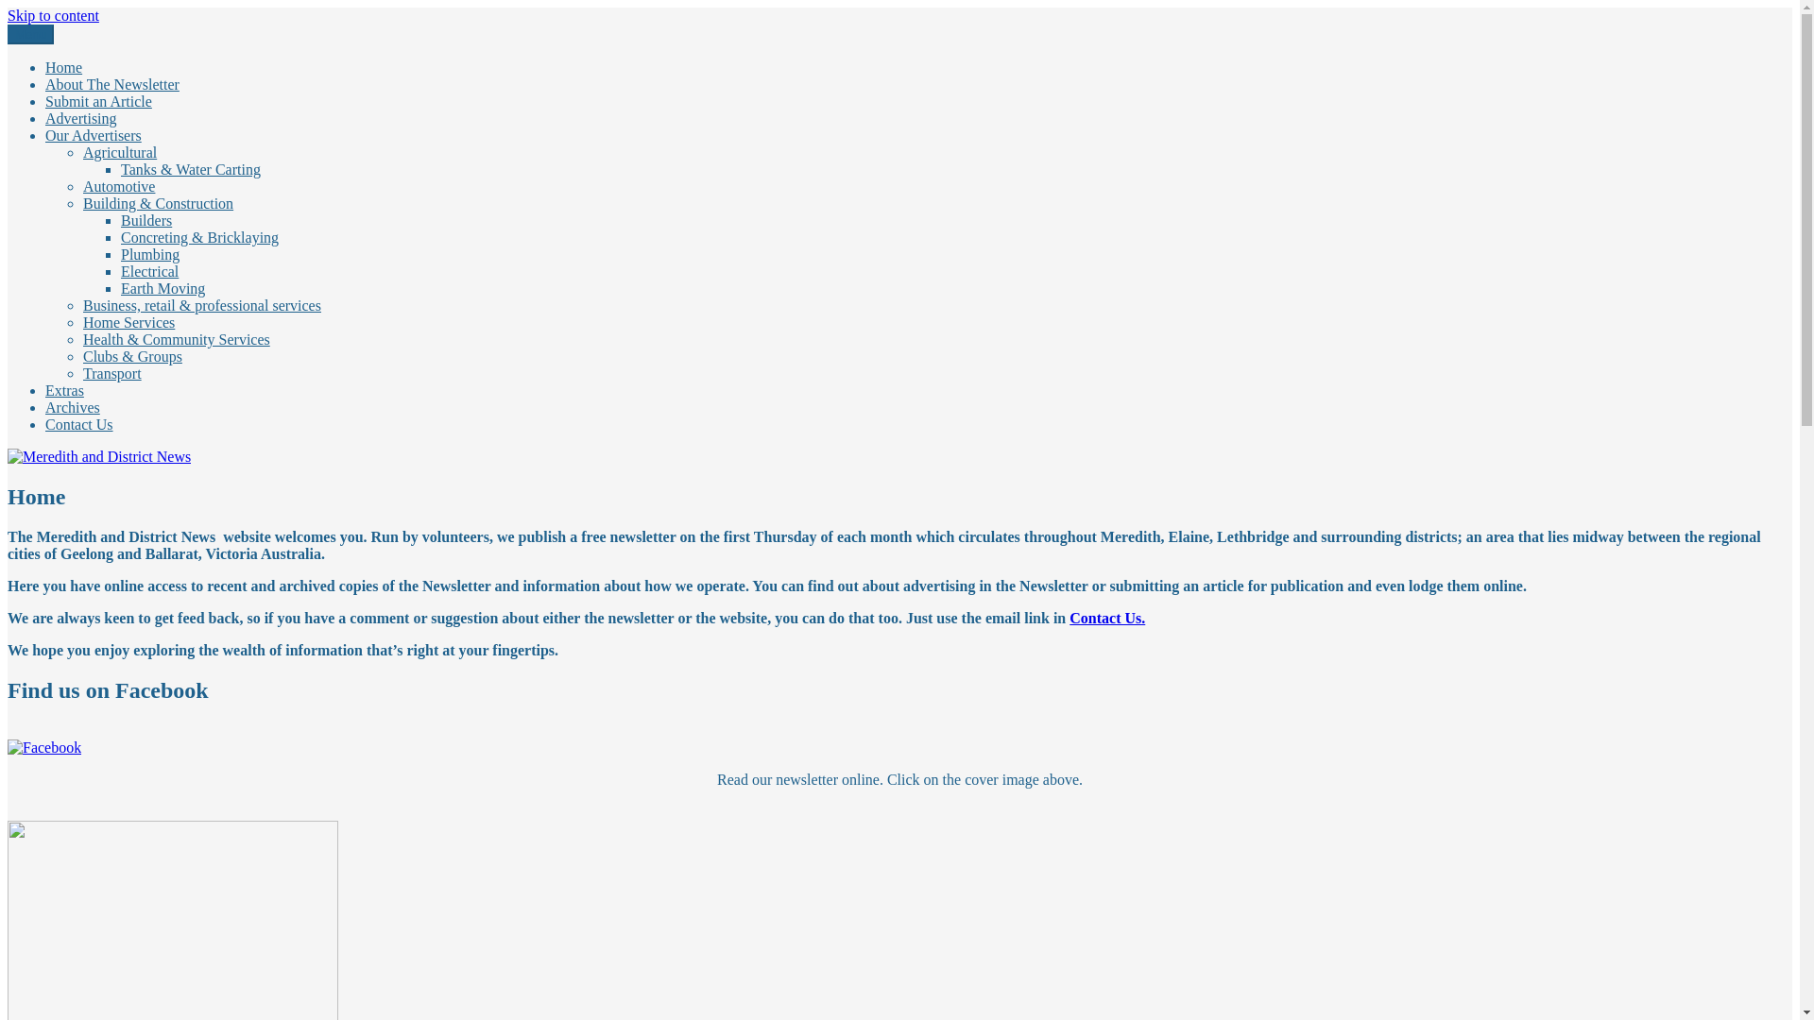  I want to click on 'Builders', so click(145, 219).